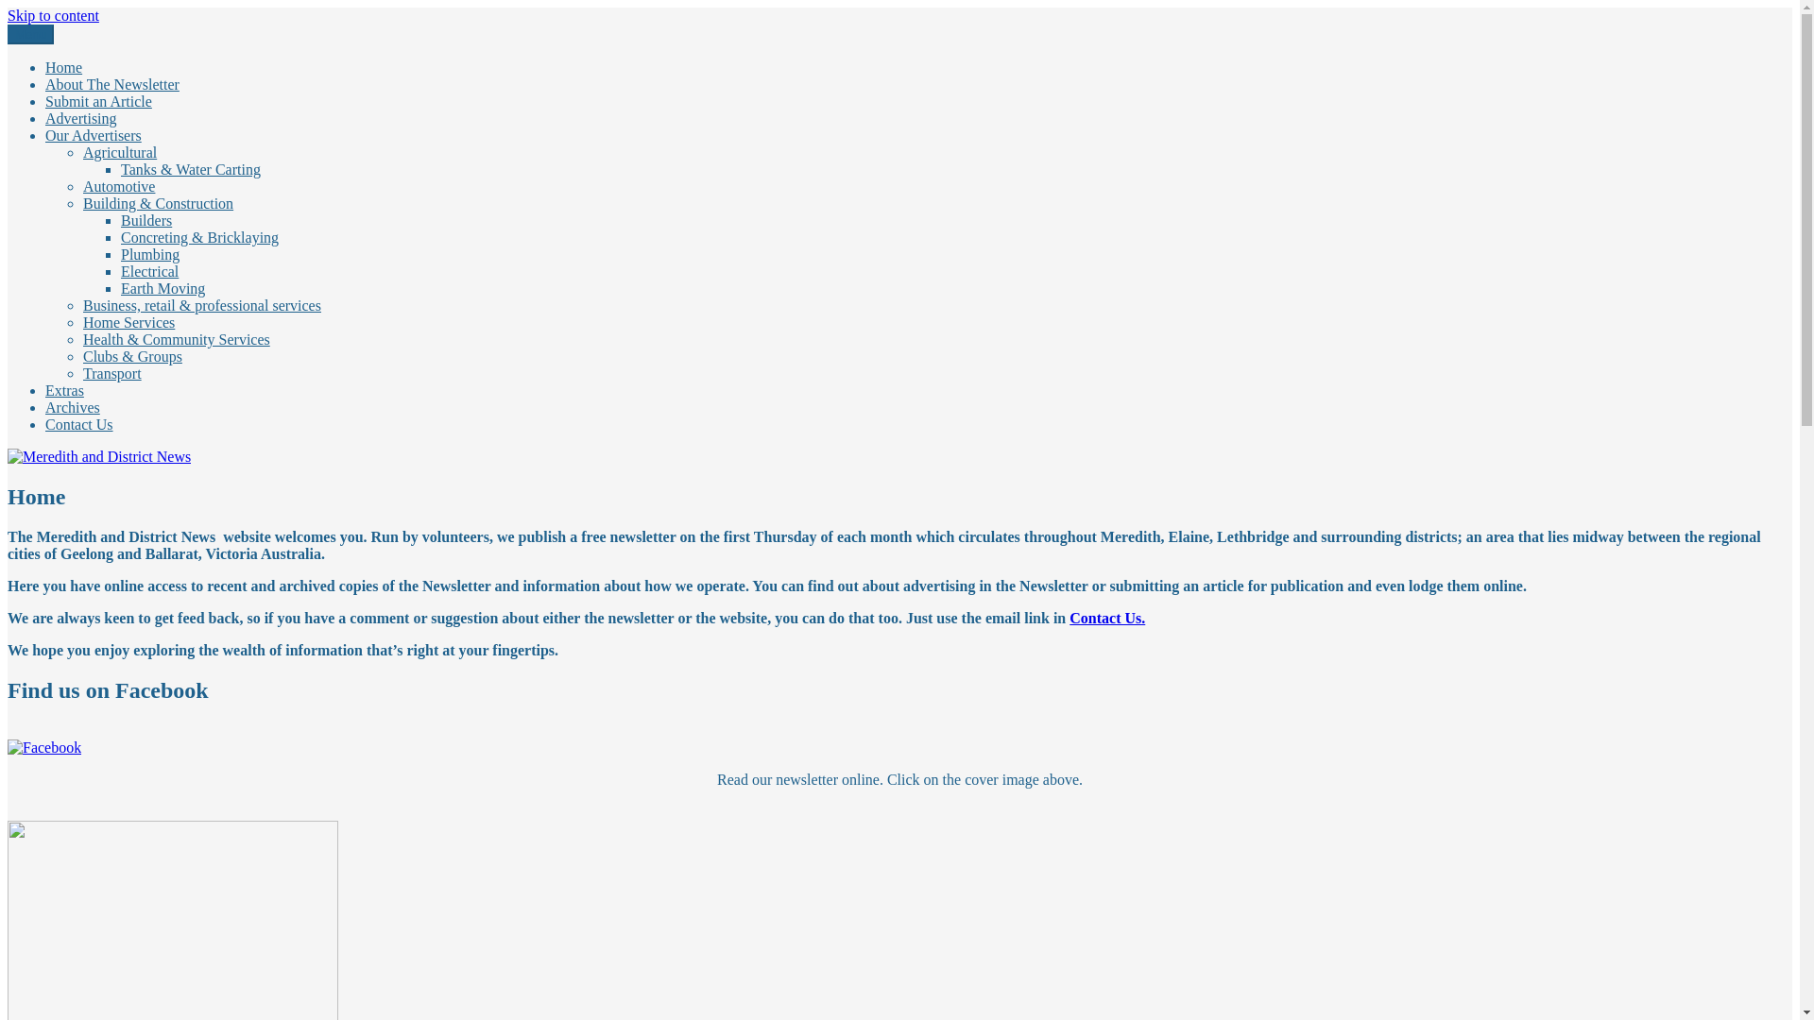  I want to click on 'Builders', so click(145, 219).